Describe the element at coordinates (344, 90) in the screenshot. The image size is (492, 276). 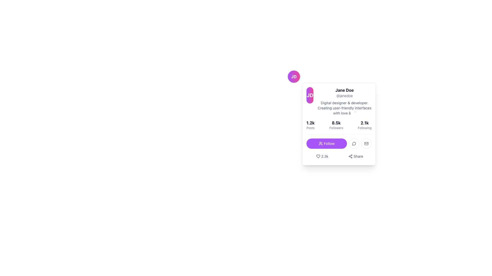
I see `the text displayed in the Text Label at the top of the user profile card` at that location.